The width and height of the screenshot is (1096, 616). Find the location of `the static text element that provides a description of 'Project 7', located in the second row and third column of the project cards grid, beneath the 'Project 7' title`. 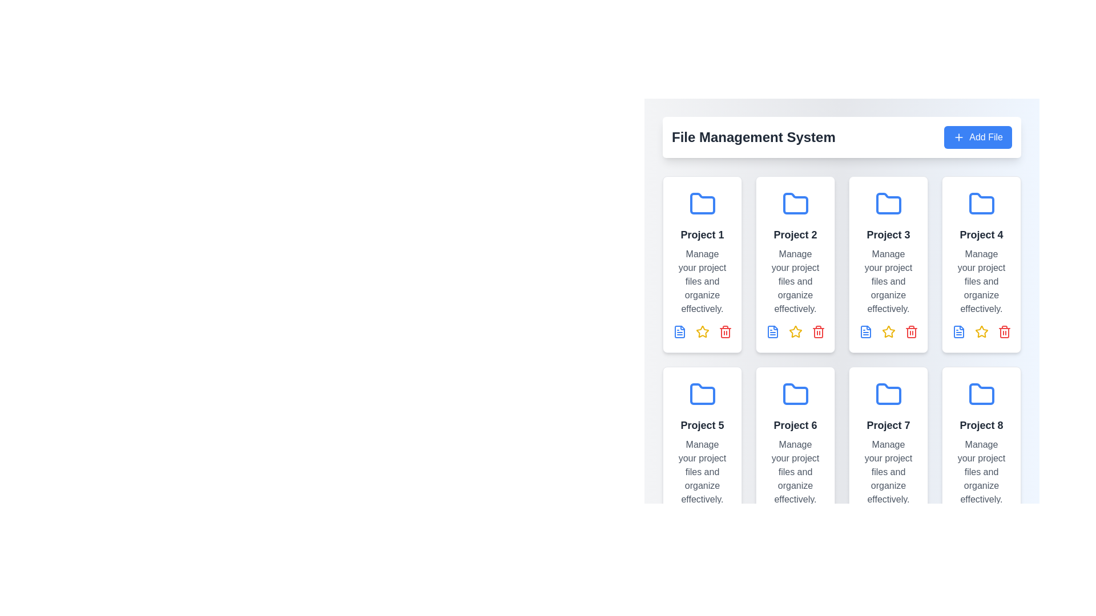

the static text element that provides a description of 'Project 7', located in the second row and third column of the project cards grid, beneath the 'Project 7' title is located at coordinates (888, 472).